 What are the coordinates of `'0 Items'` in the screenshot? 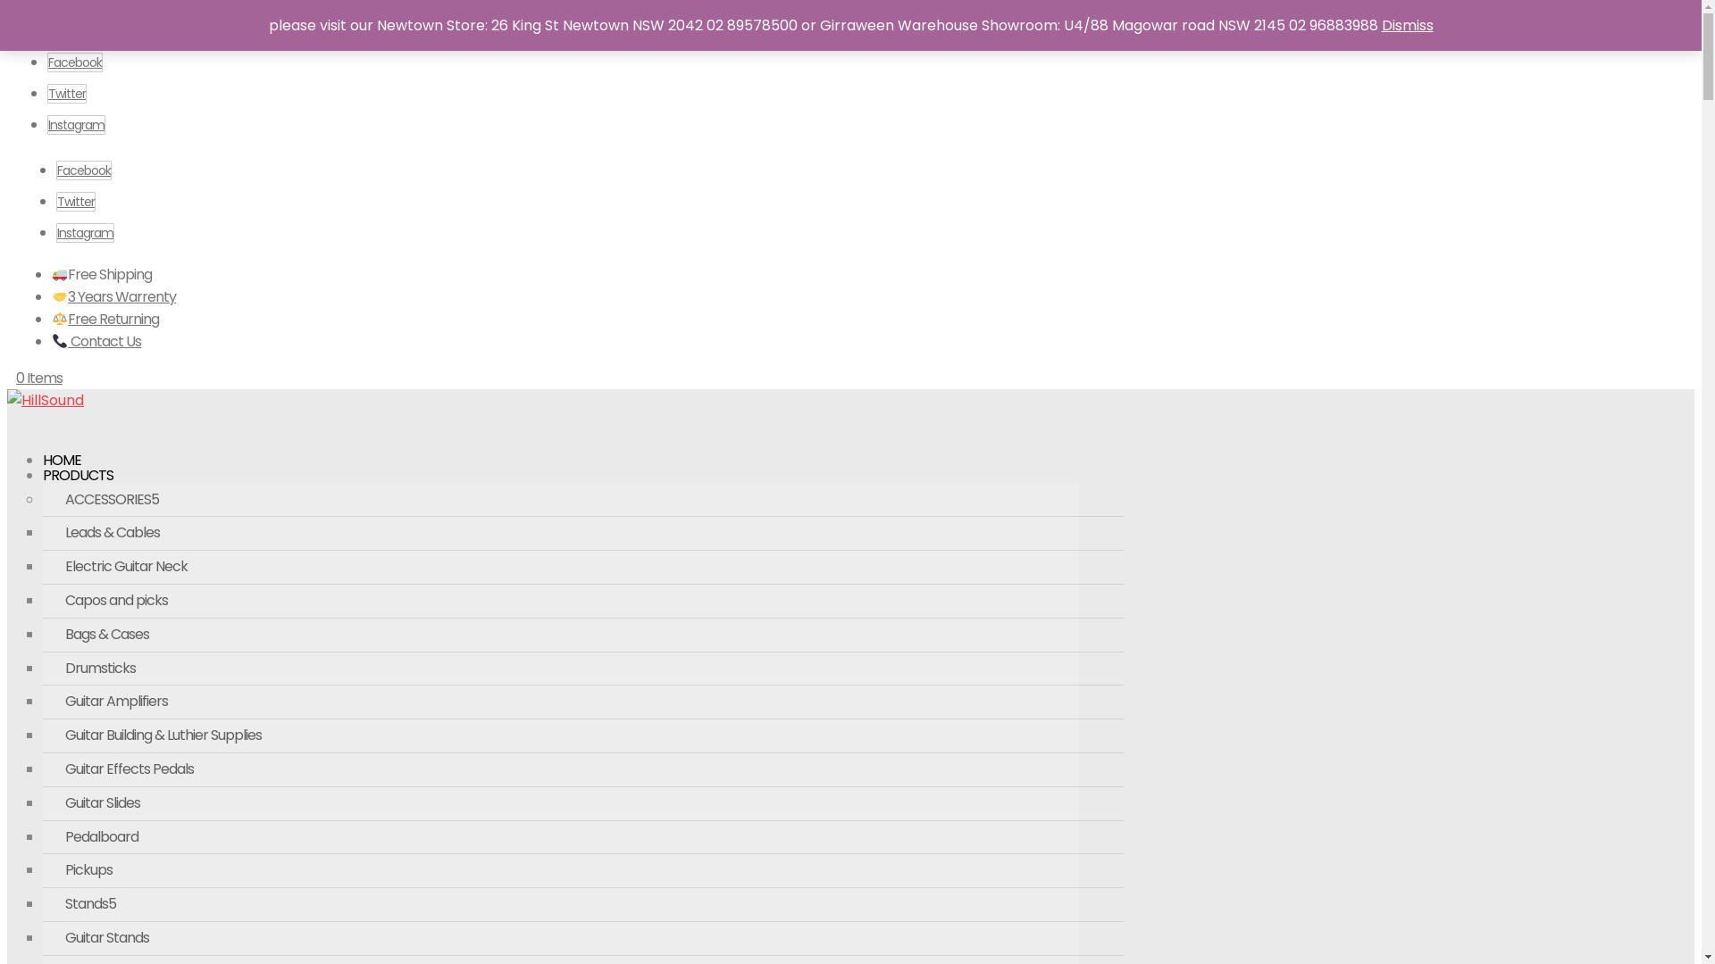 It's located at (16, 377).